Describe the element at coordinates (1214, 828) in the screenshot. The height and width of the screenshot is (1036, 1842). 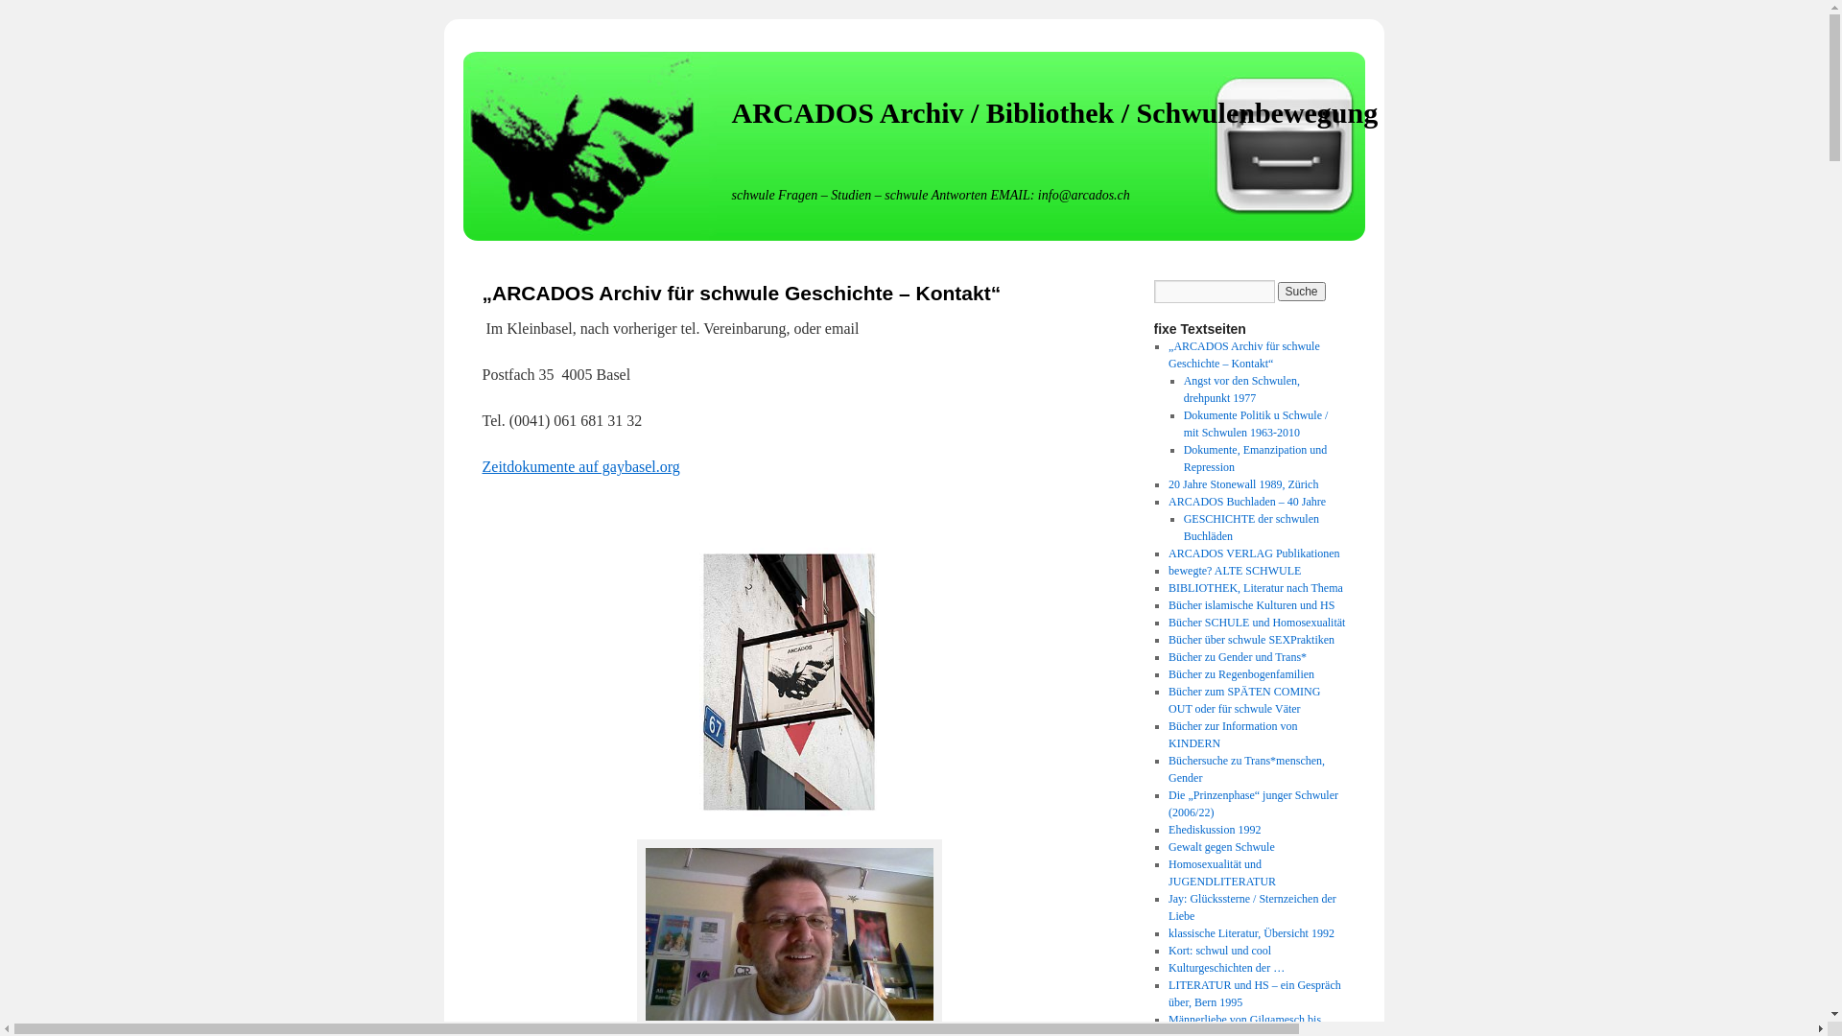
I see `'Ehediskussion 1992'` at that location.